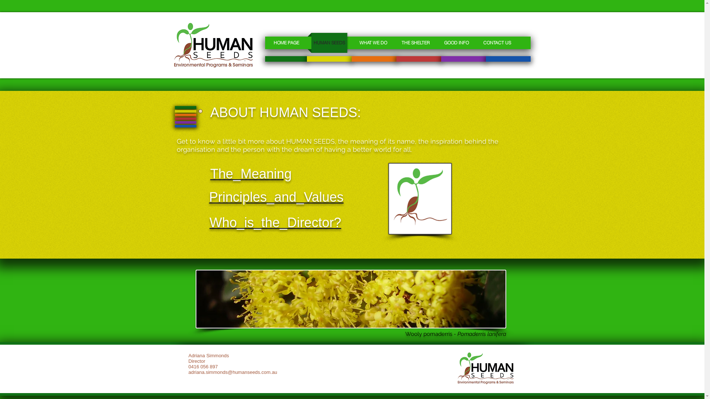 This screenshot has width=710, height=399. What do you see at coordinates (415, 42) in the screenshot?
I see `'THE SHELTER'` at bounding box center [415, 42].